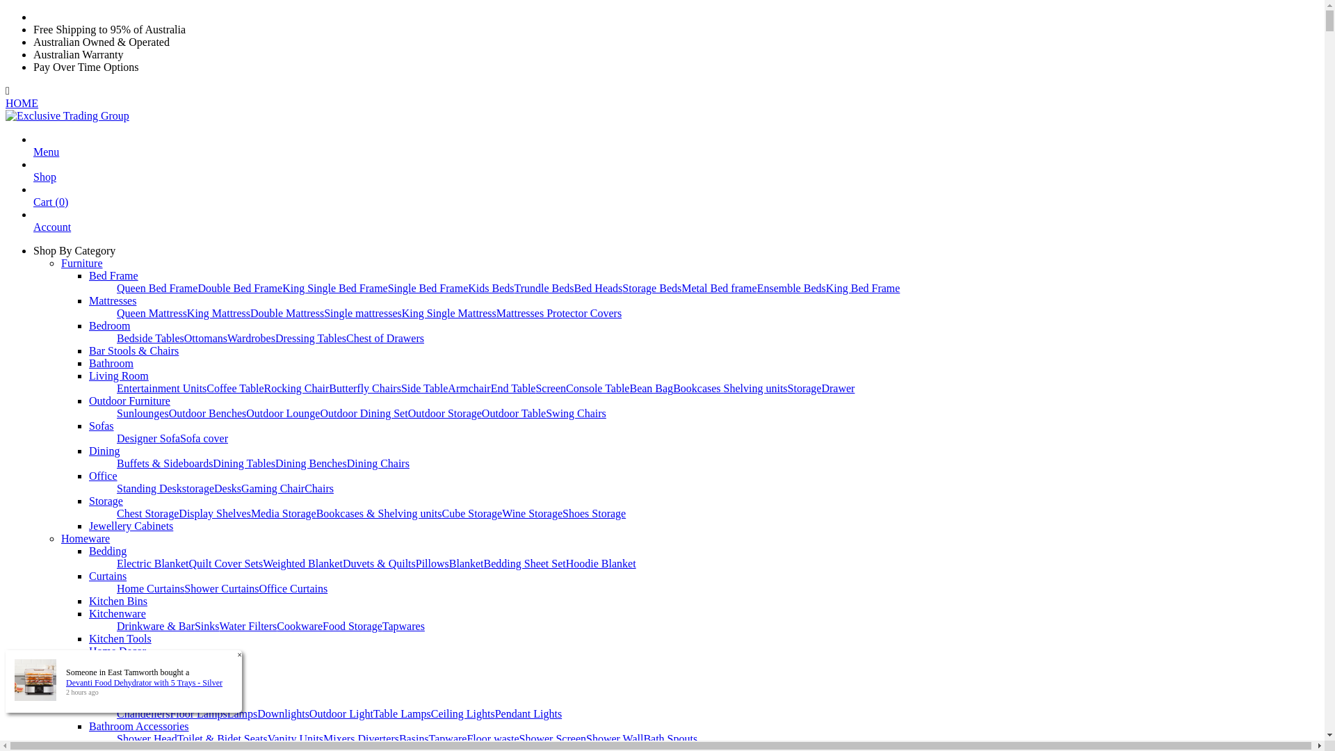  What do you see at coordinates (302, 563) in the screenshot?
I see `'Weighted Blanket'` at bounding box center [302, 563].